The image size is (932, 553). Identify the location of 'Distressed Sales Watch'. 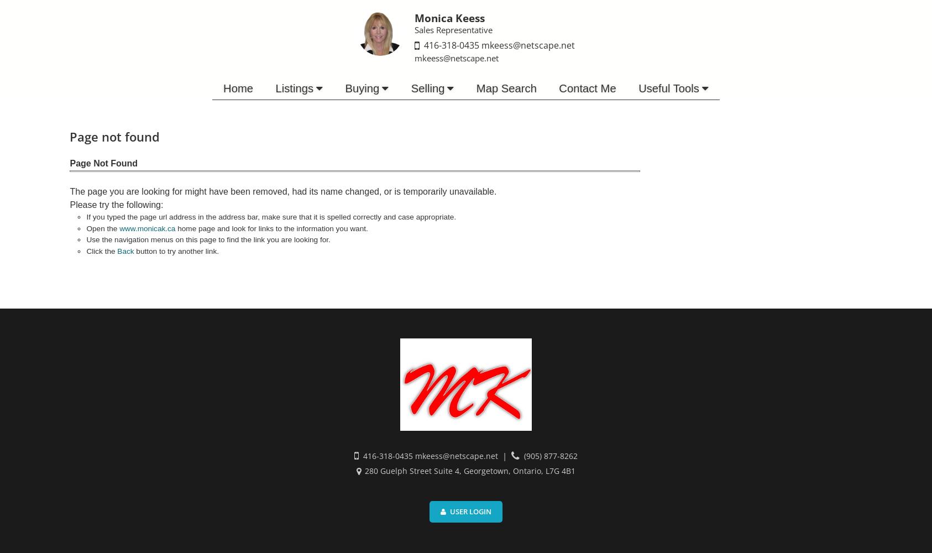
(340, 254).